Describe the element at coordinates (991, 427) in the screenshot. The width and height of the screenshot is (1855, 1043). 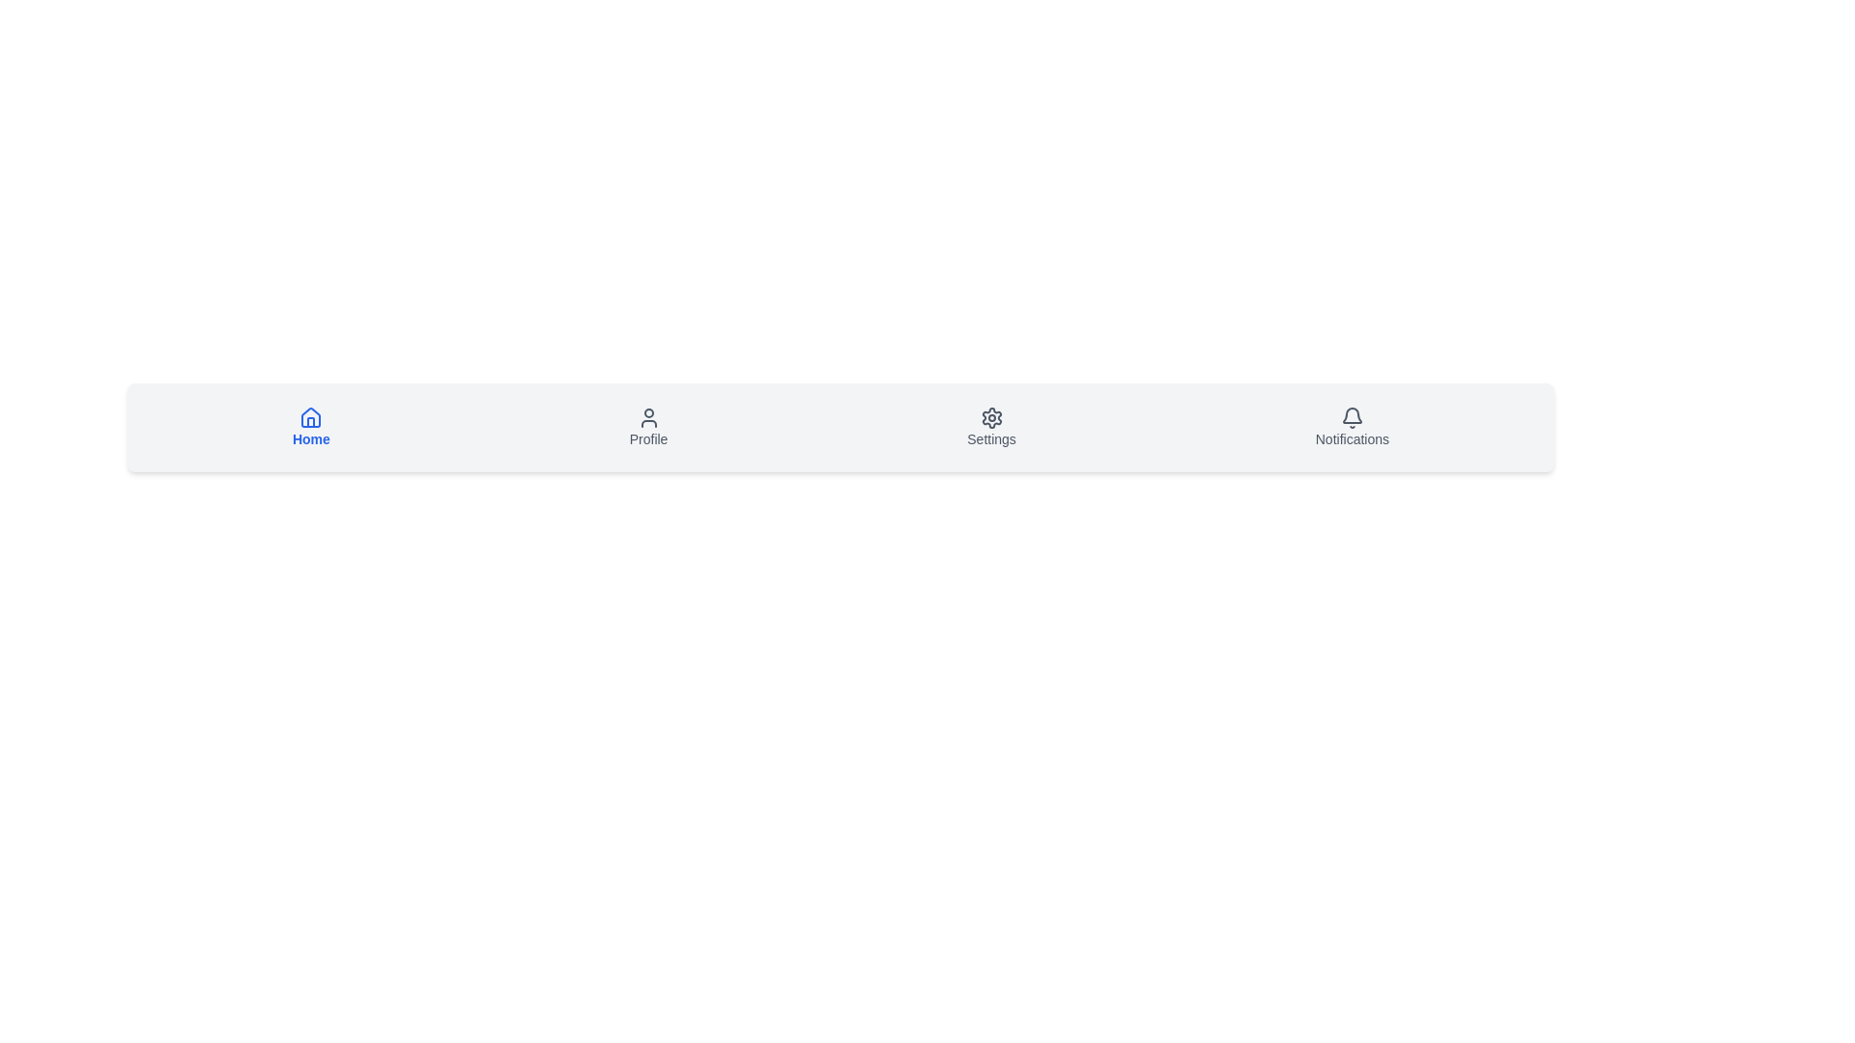
I see `the 'Settings' button with a gear icon located in the middle of the navigation bar to observe a visual effect` at that location.